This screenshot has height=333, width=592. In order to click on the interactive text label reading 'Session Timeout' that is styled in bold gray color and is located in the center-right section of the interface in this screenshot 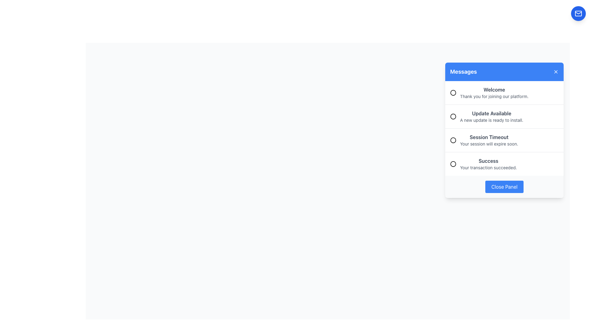, I will do `click(488, 137)`.